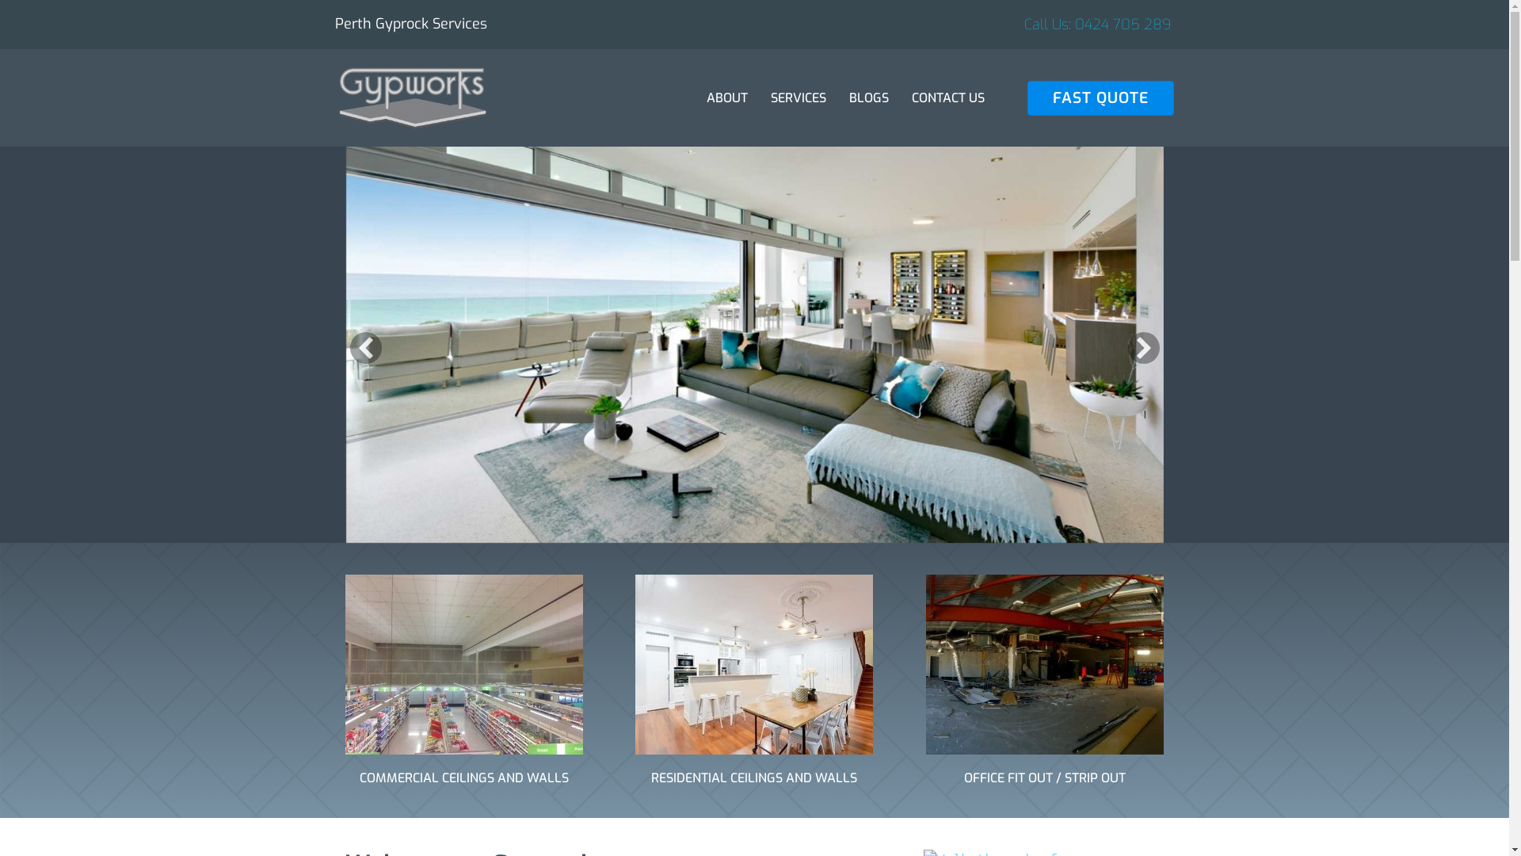 Image resolution: width=1521 pixels, height=856 pixels. What do you see at coordinates (1045, 777) in the screenshot?
I see `'OFFICE FIT OUT / STRIP OUT'` at bounding box center [1045, 777].